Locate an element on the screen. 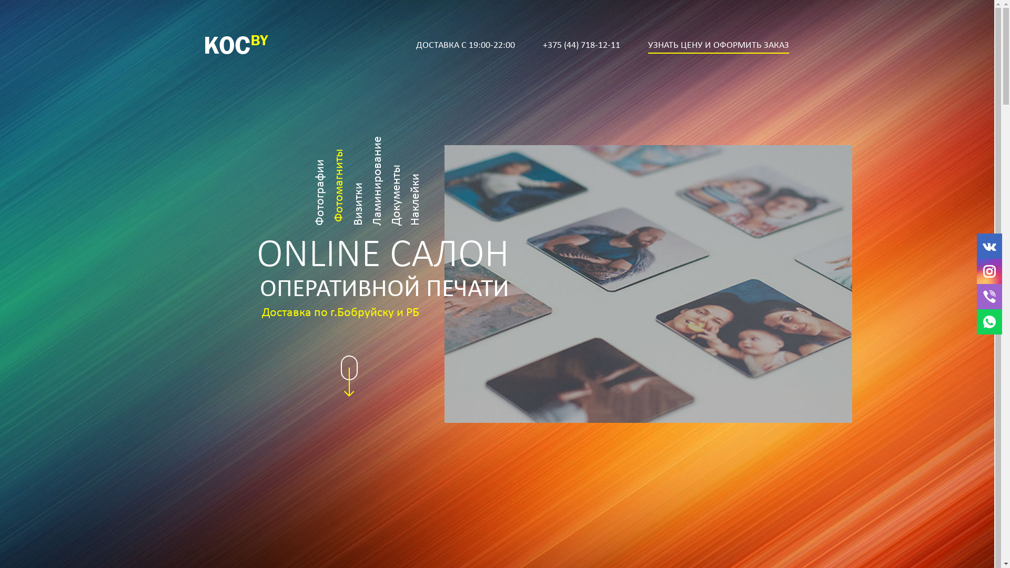 Image resolution: width=1010 pixels, height=568 pixels. '+375 (44) 718-12-11' is located at coordinates (581, 45).